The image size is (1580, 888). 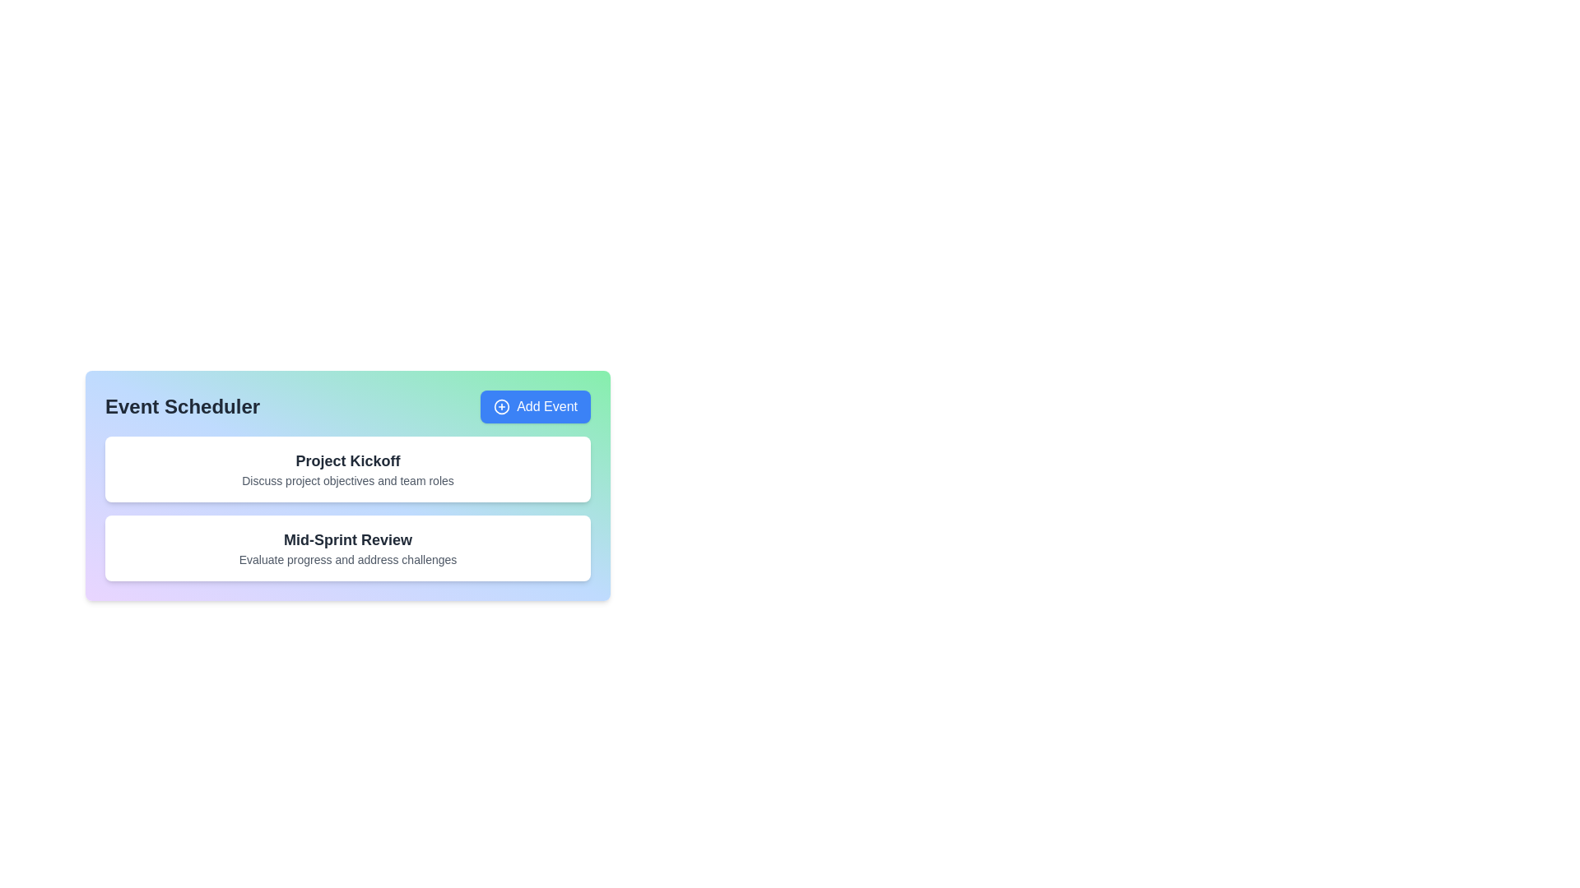 I want to click on the static text displaying 'Evaluate progress and address challenges', which is located within the 'Mid-Sprint Review' card in the 'Event Scheduler' section, so click(x=346, y=559).